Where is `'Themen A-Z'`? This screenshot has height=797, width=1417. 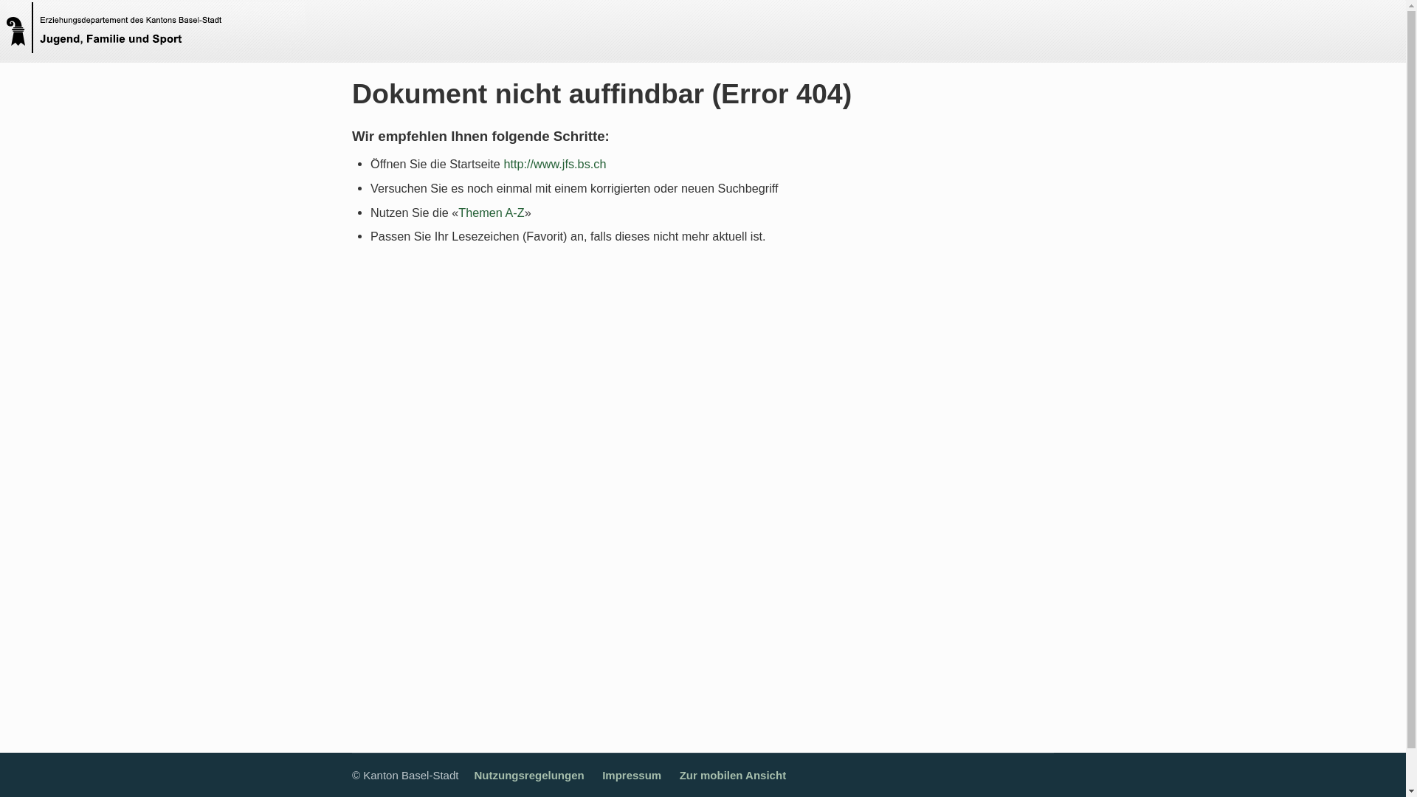 'Themen A-Z' is located at coordinates (457, 211).